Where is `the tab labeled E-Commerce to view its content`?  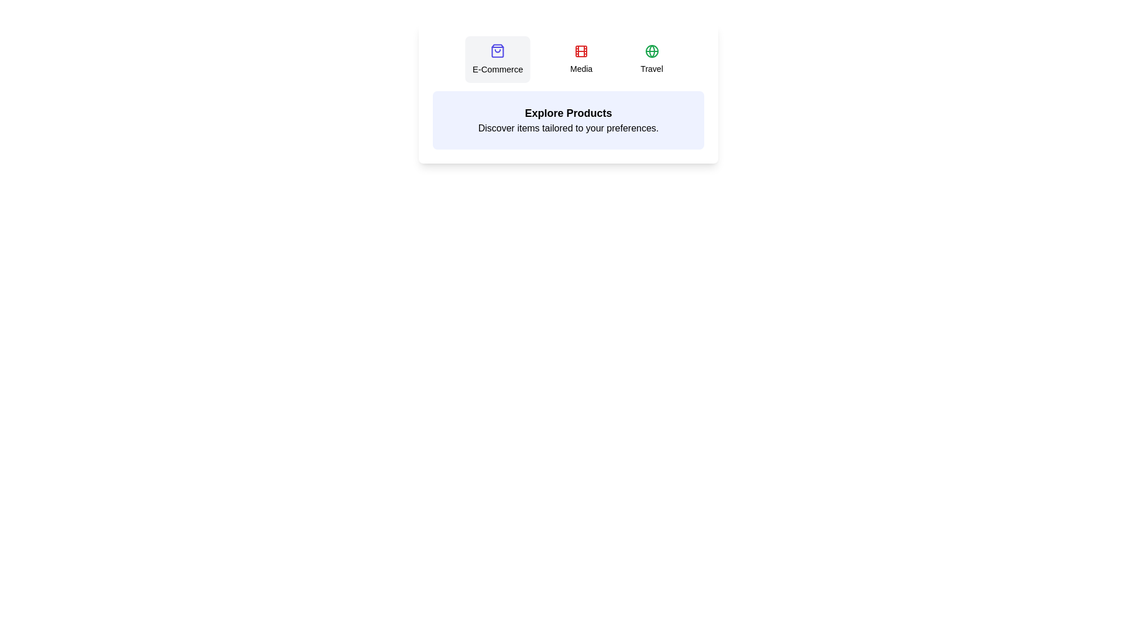 the tab labeled E-Commerce to view its content is located at coordinates (497, 59).